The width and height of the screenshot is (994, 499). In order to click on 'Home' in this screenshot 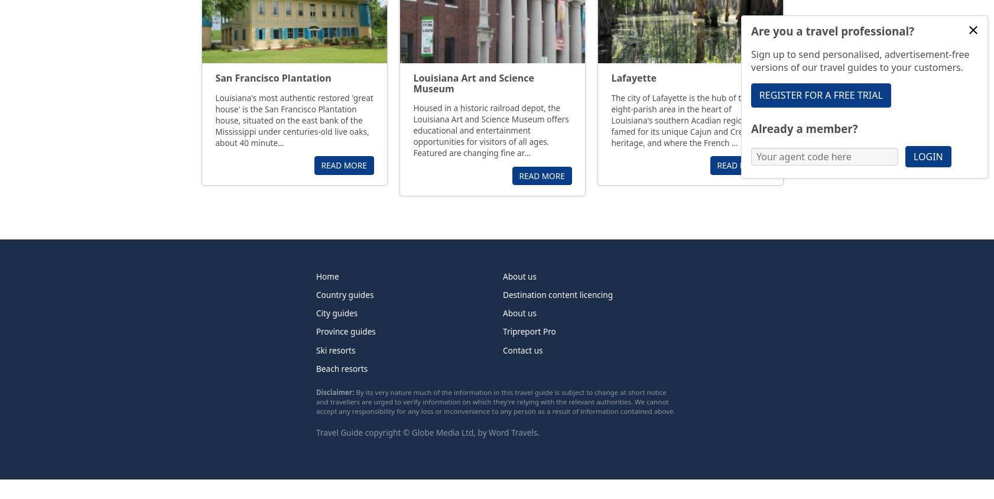, I will do `click(316, 275)`.